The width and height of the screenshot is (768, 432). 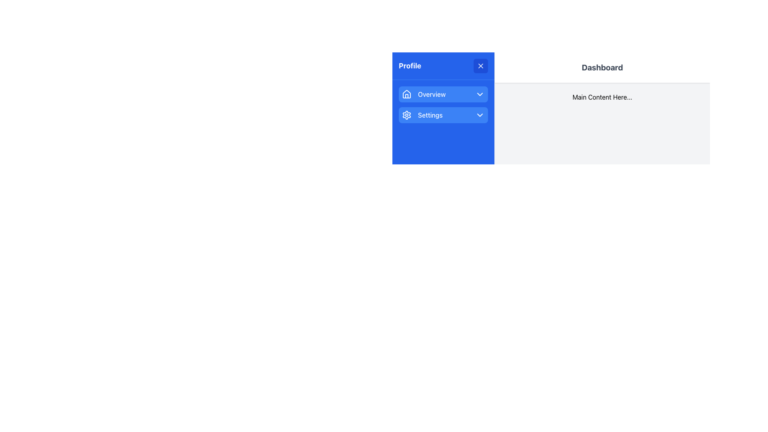 I want to click on the 'Overview' button with a blue background, which is the first item under the 'Profile' header in the sidebar, so click(x=443, y=94).